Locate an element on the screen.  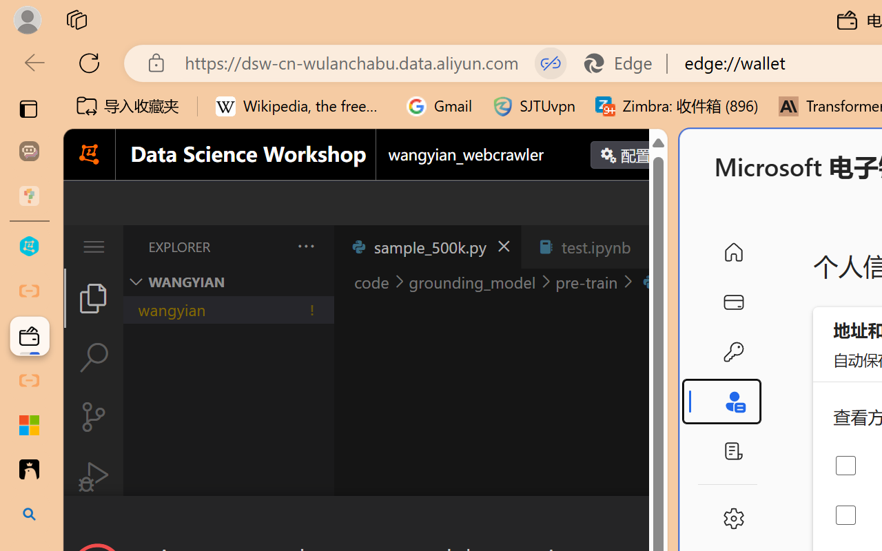
'Explorer actions' is located at coordinates (269, 247).